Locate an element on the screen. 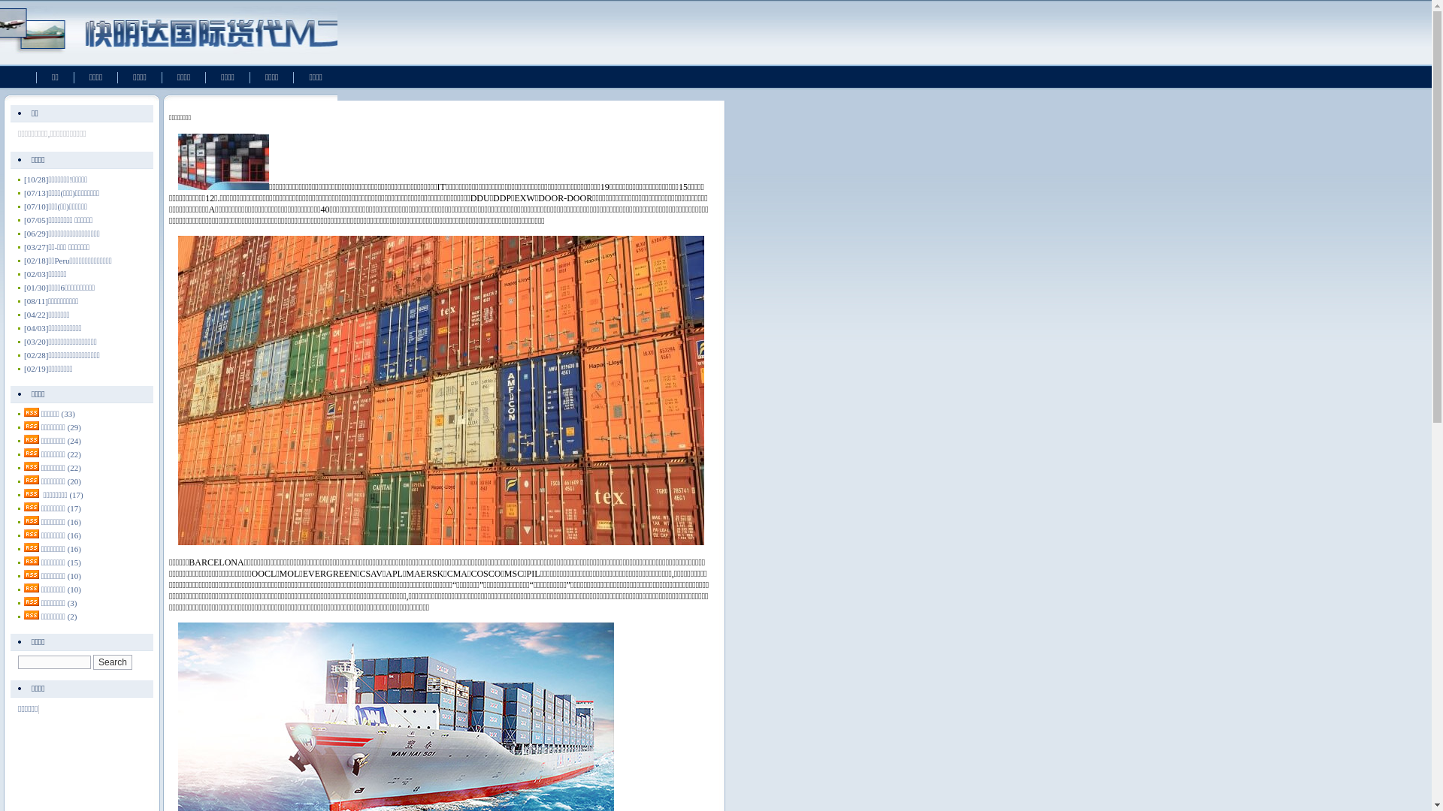 Image resolution: width=1443 pixels, height=811 pixels. 'rss' is located at coordinates (32, 439).